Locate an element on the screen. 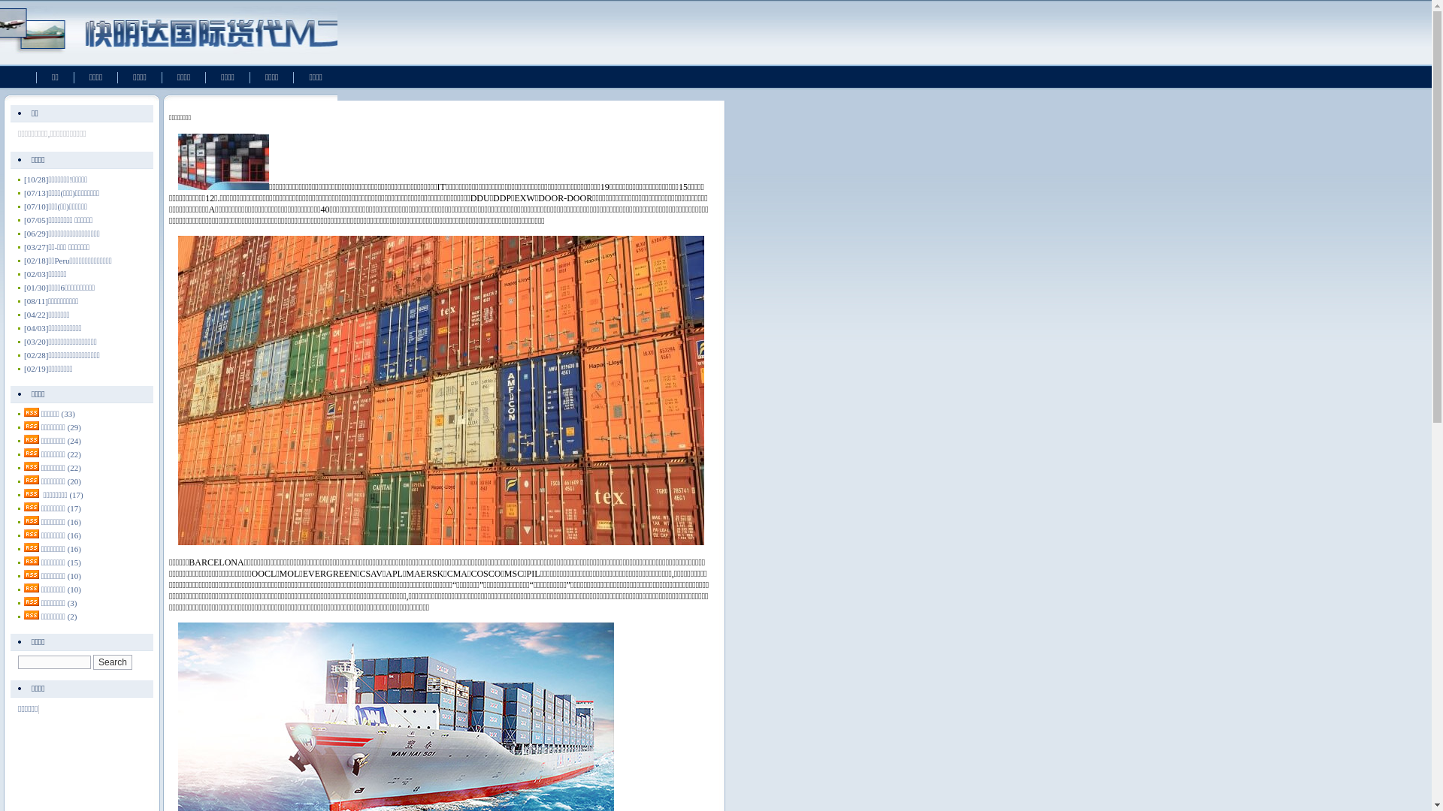 Image resolution: width=1443 pixels, height=811 pixels. 'rss' is located at coordinates (32, 439).